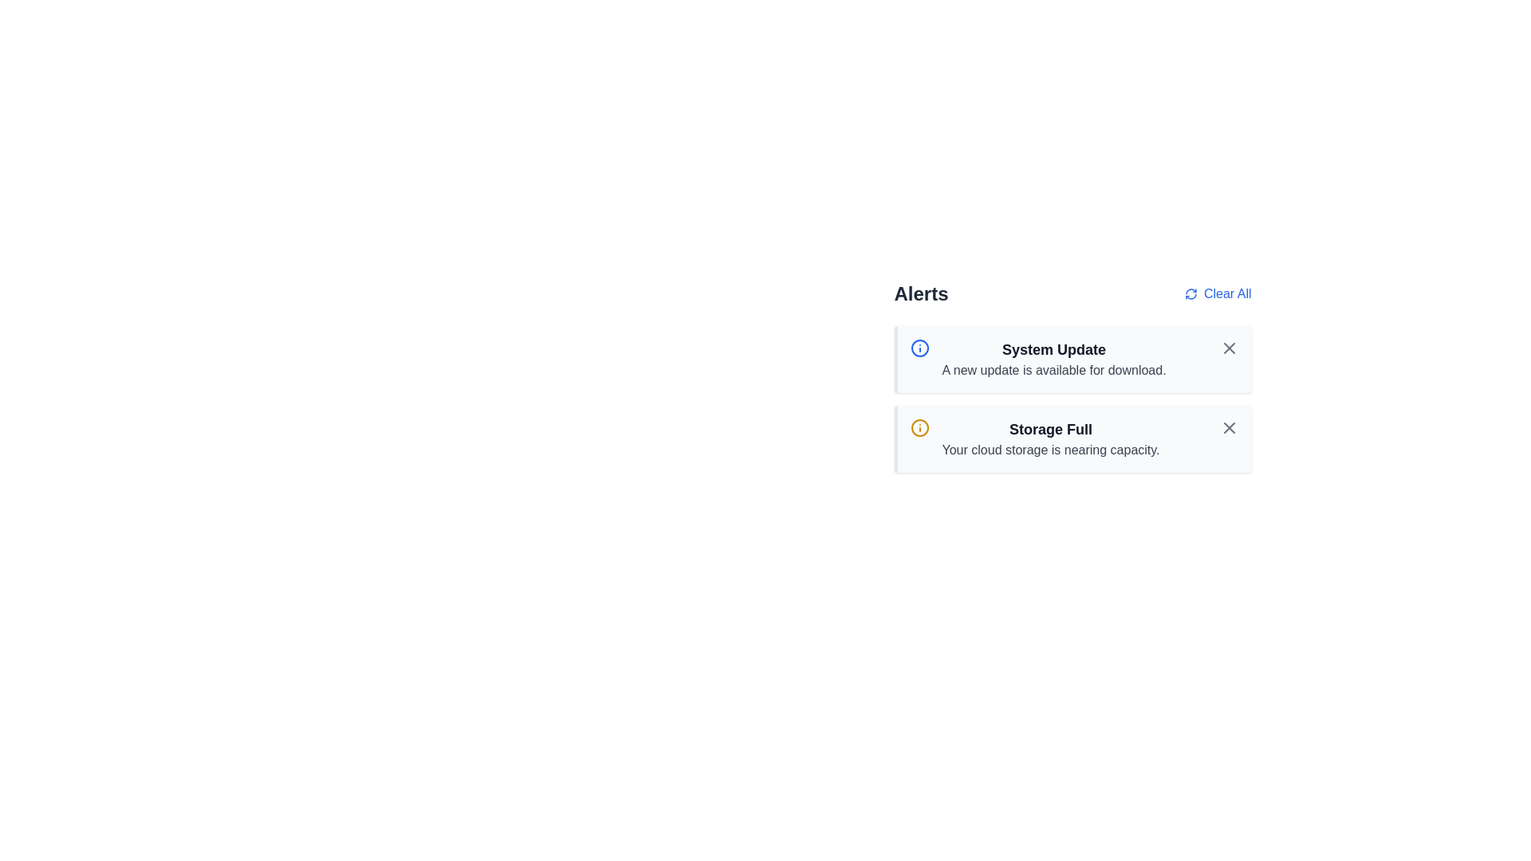  I want to click on the content of the alert titled 'Storage Full', so click(1072, 439).